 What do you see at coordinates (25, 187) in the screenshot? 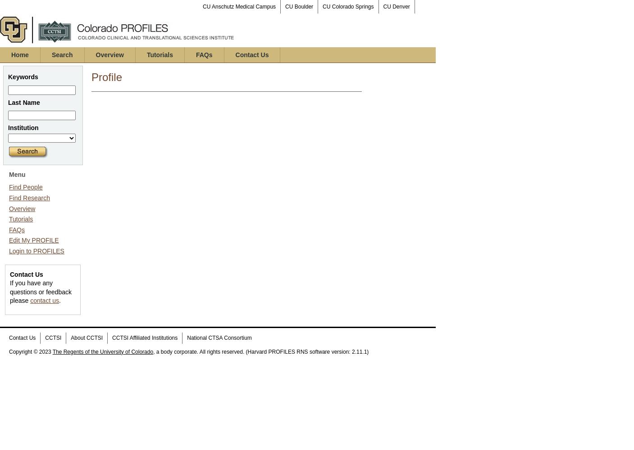
I see `'Find People'` at bounding box center [25, 187].